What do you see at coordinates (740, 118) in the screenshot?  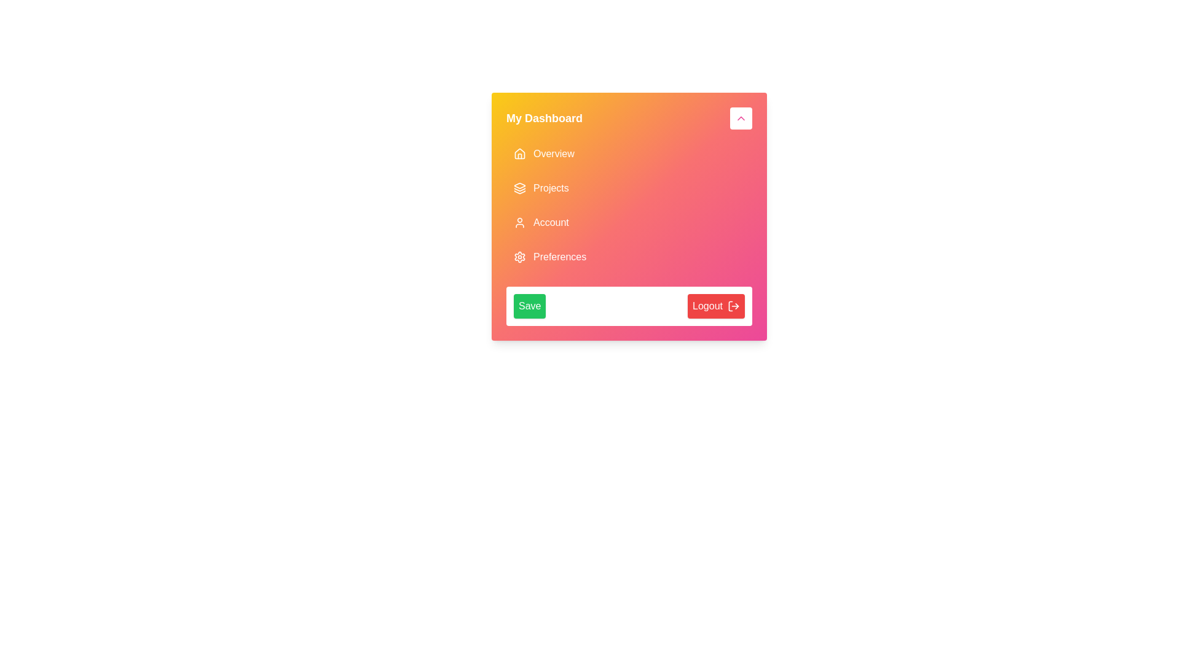 I see `the button with a pink chevron-up icon inside a white square with rounded corners located in the top-right corner of the 'My Dashboard' section to change its background color to gray` at bounding box center [740, 118].